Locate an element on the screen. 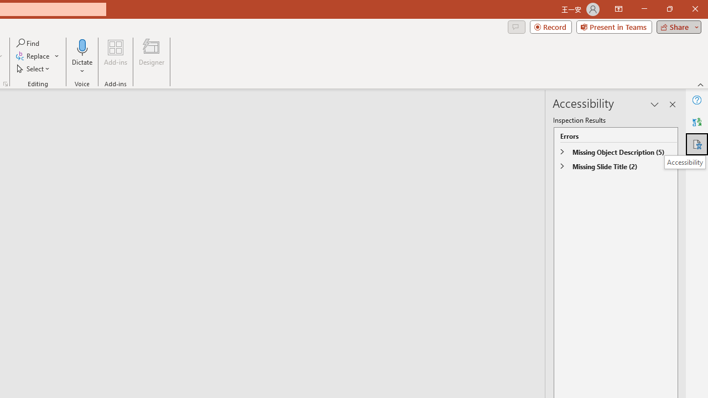 This screenshot has width=708, height=398. 'Select' is located at coordinates (34, 69).